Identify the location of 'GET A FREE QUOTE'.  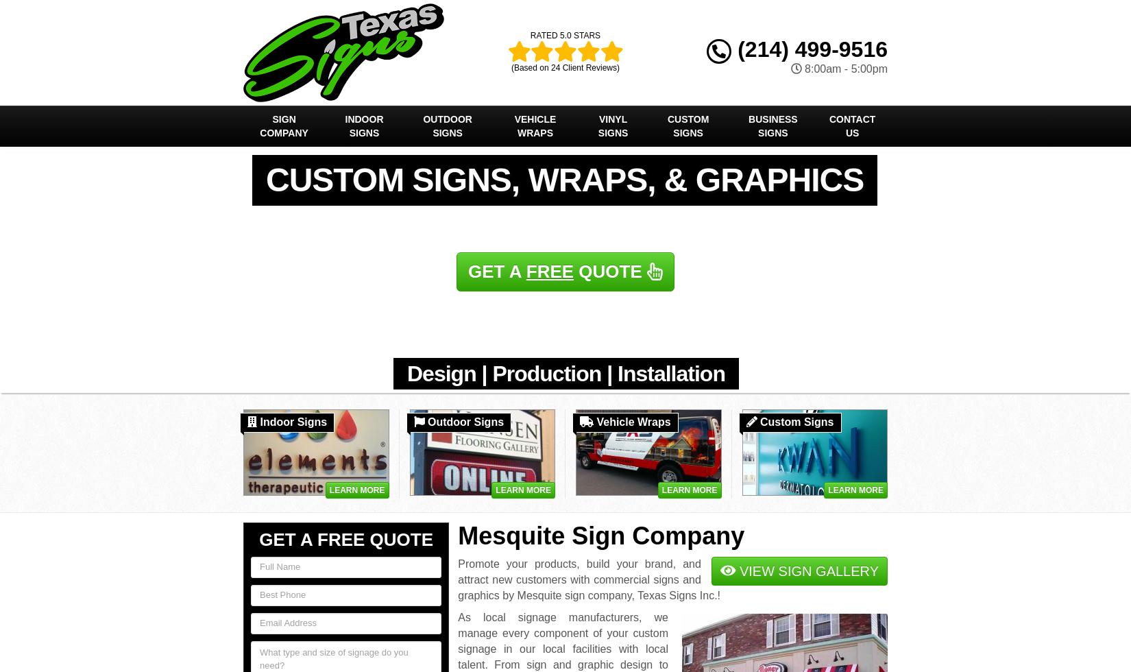
(259, 540).